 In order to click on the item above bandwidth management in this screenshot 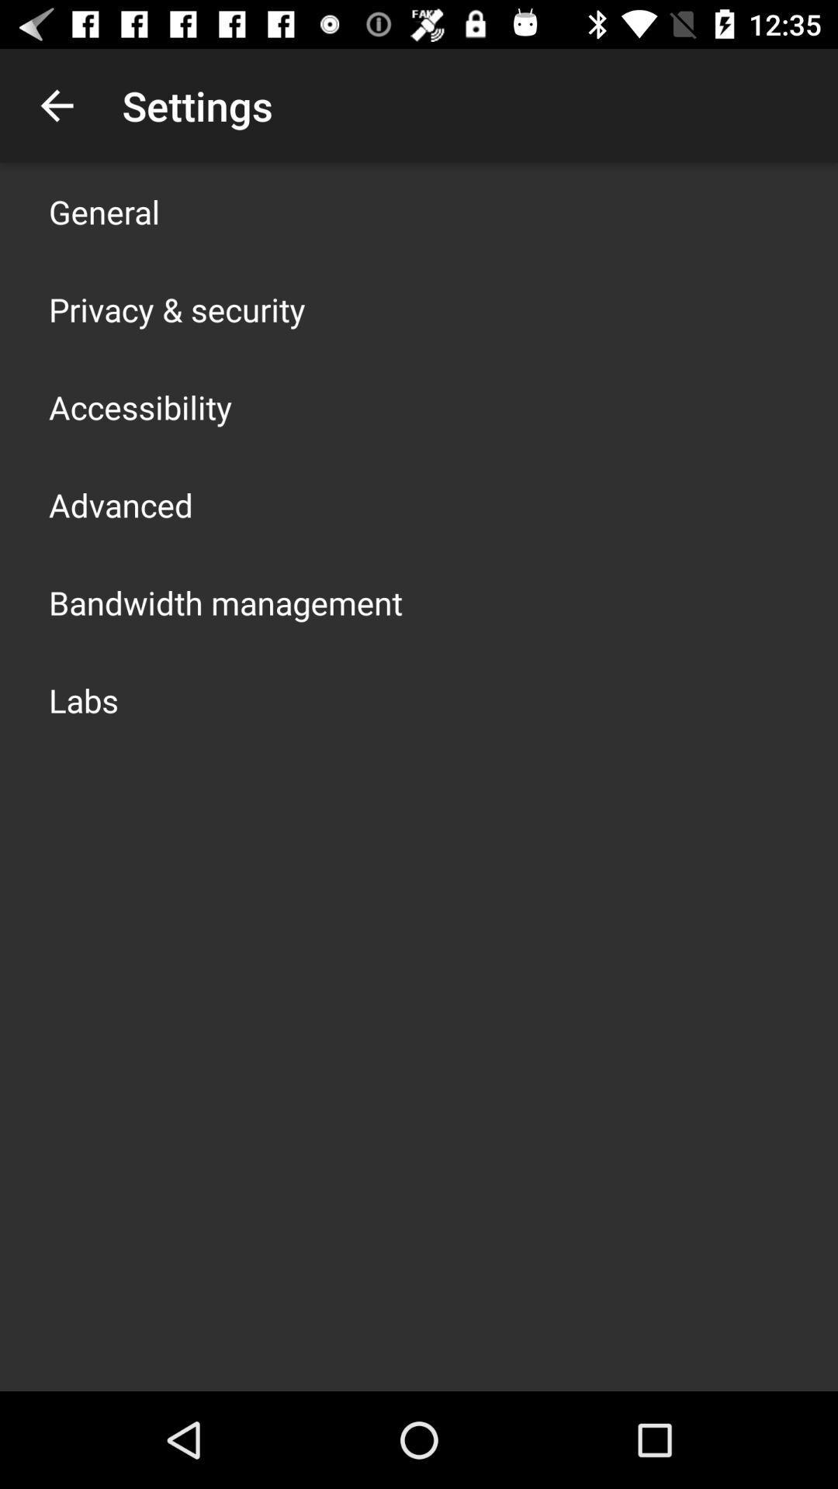, I will do `click(119, 505)`.